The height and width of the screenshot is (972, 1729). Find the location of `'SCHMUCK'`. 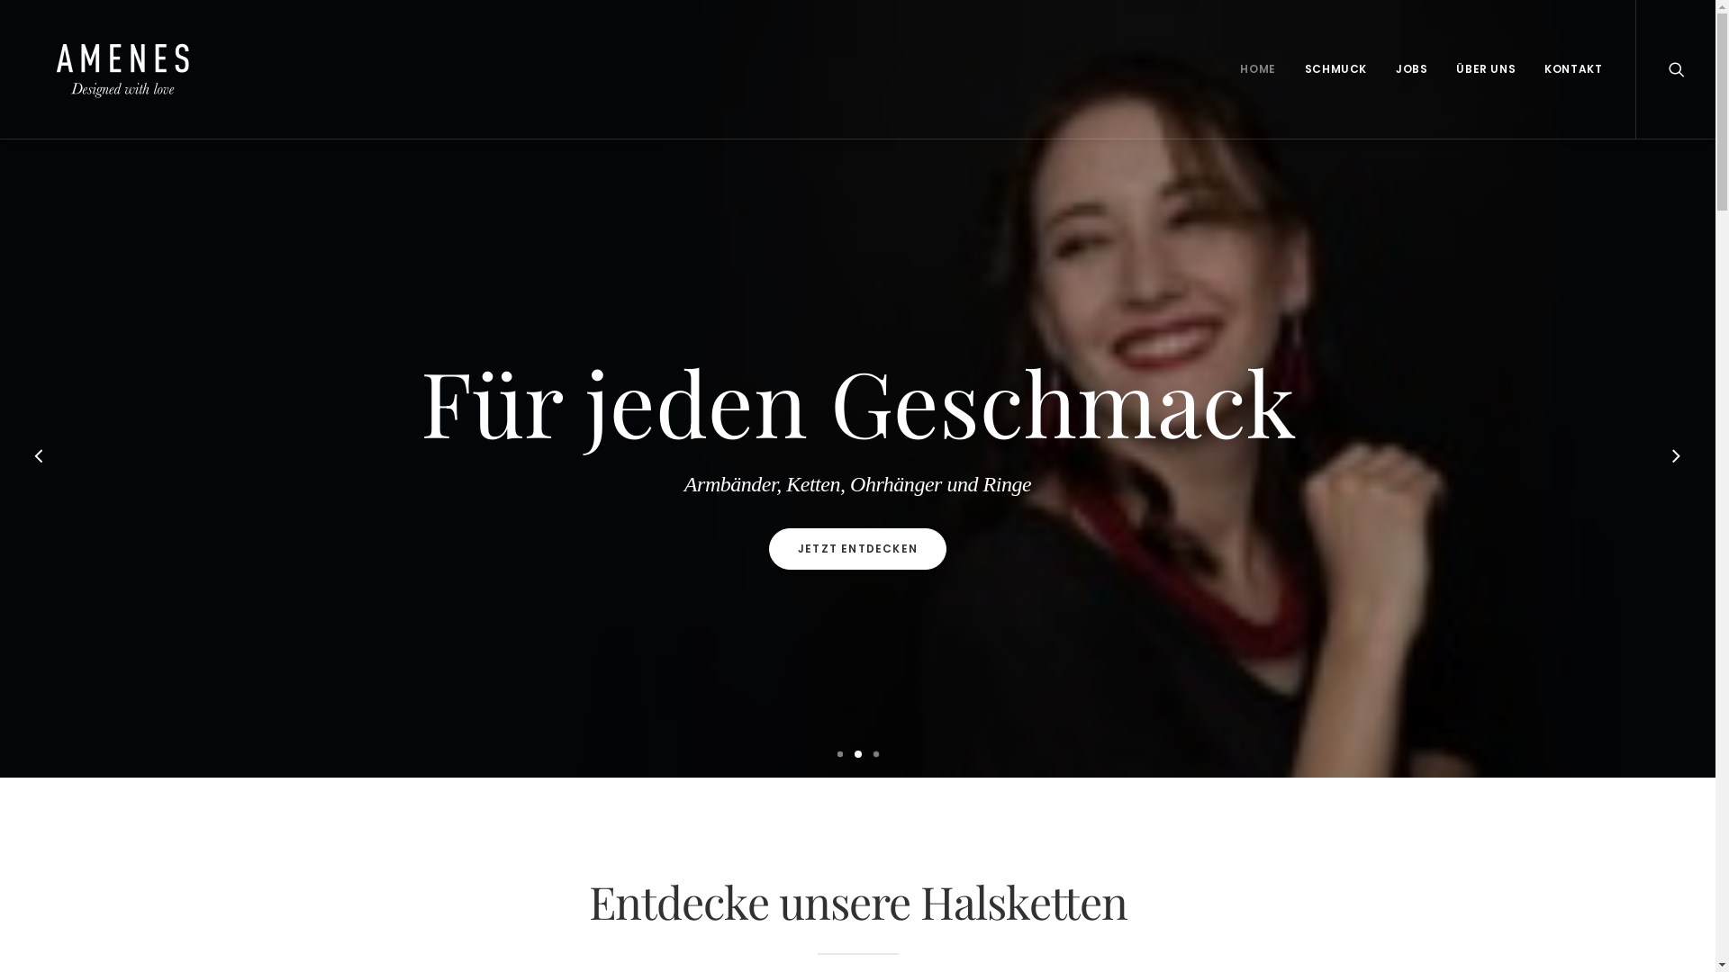

'SCHMUCK' is located at coordinates (1335, 68).